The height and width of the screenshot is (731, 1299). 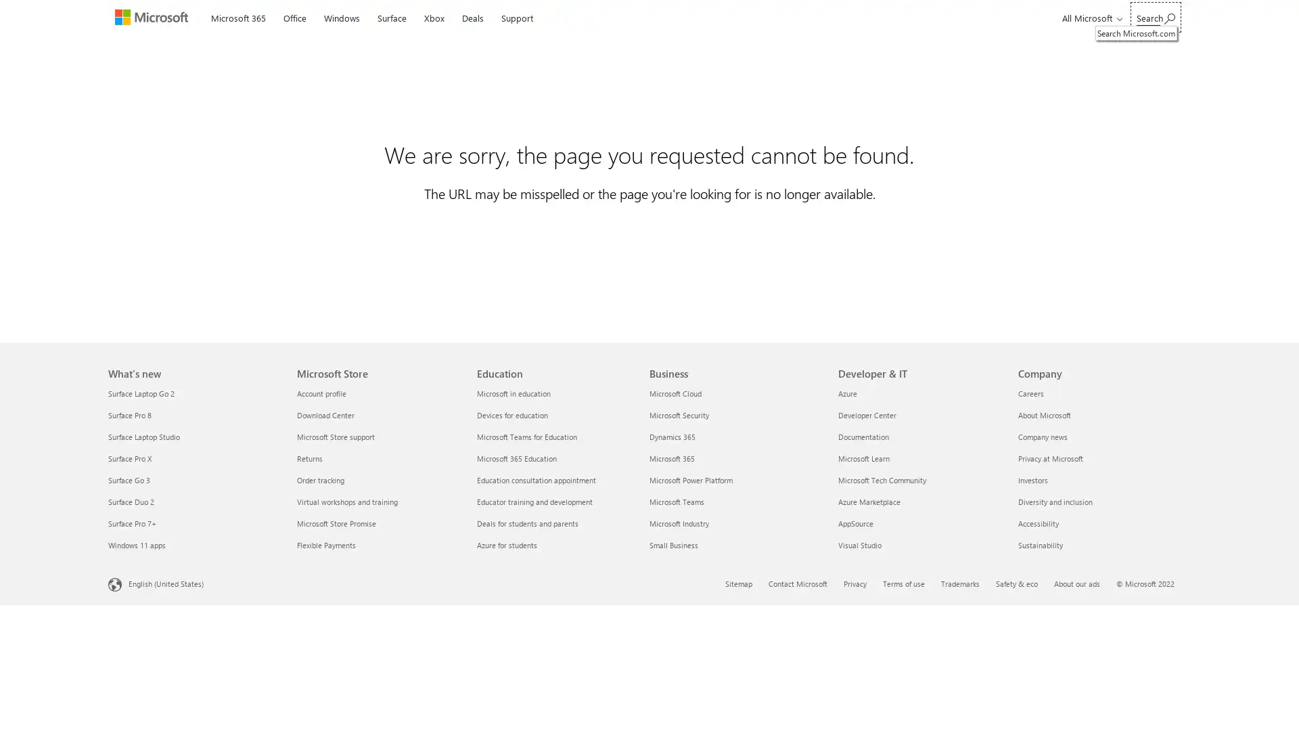 I want to click on All Microsoft expand to see list of Microsoft products and services, so click(x=1090, y=18).